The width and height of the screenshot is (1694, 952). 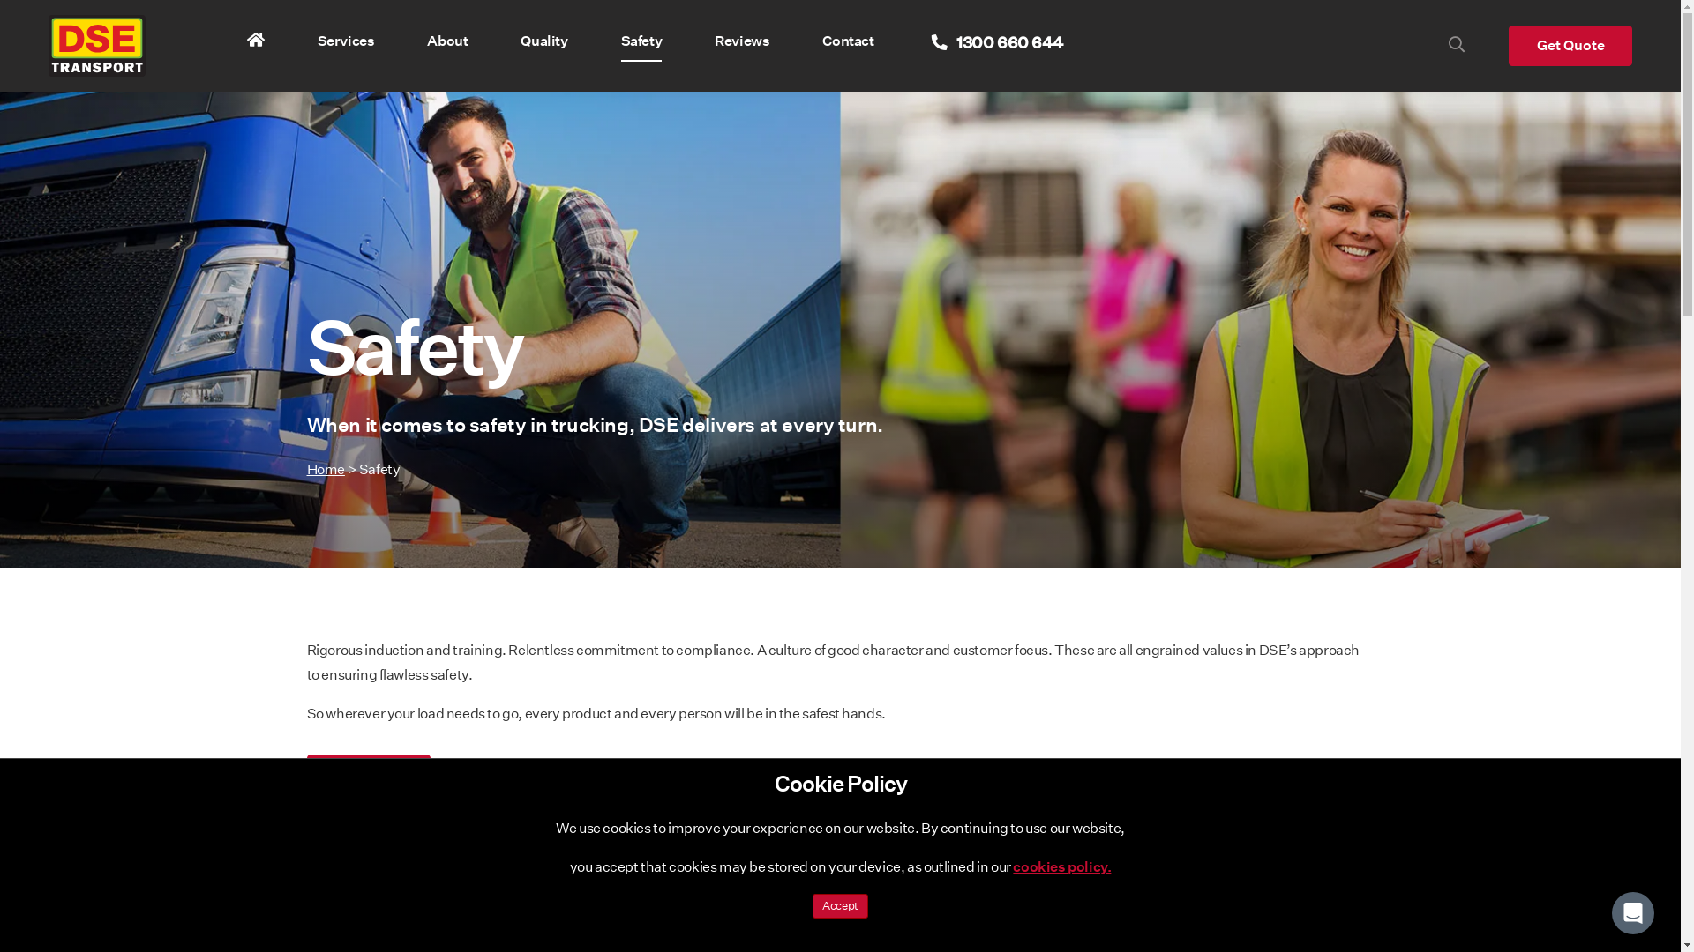 I want to click on 'Home', so click(x=326, y=468).